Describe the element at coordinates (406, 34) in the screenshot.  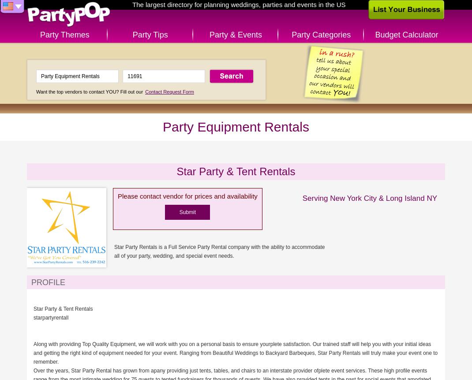
I see `'Budget Calculator'` at that location.